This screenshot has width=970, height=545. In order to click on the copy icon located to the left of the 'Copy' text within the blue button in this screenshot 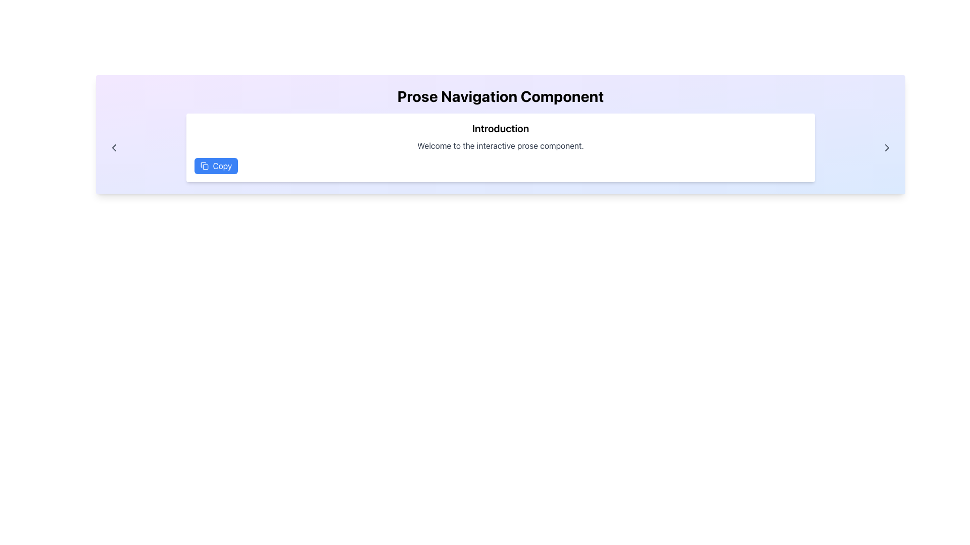, I will do `click(204, 165)`.